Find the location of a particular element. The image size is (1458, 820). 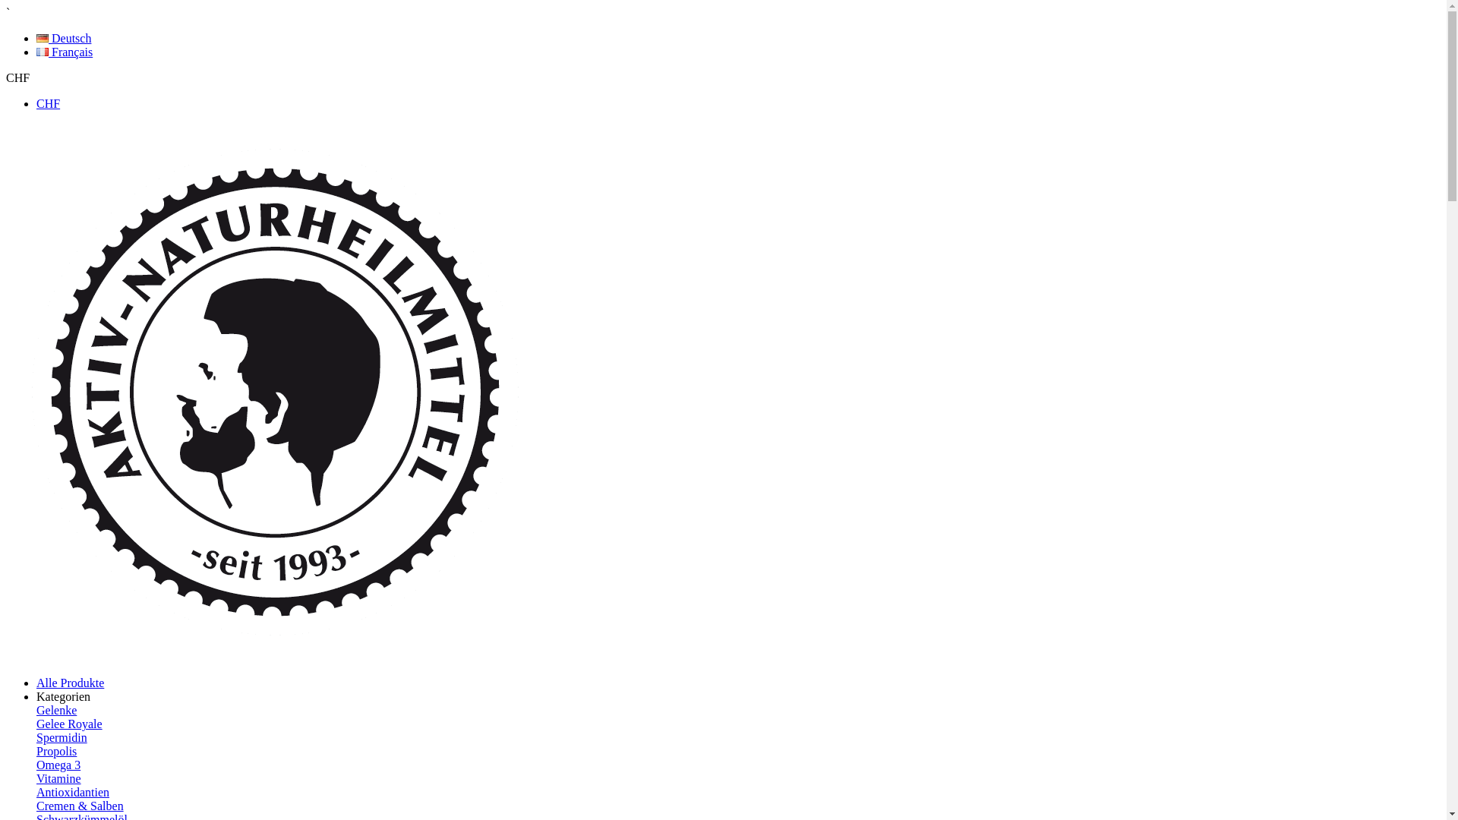

'Antioxidantien' is located at coordinates (72, 791).